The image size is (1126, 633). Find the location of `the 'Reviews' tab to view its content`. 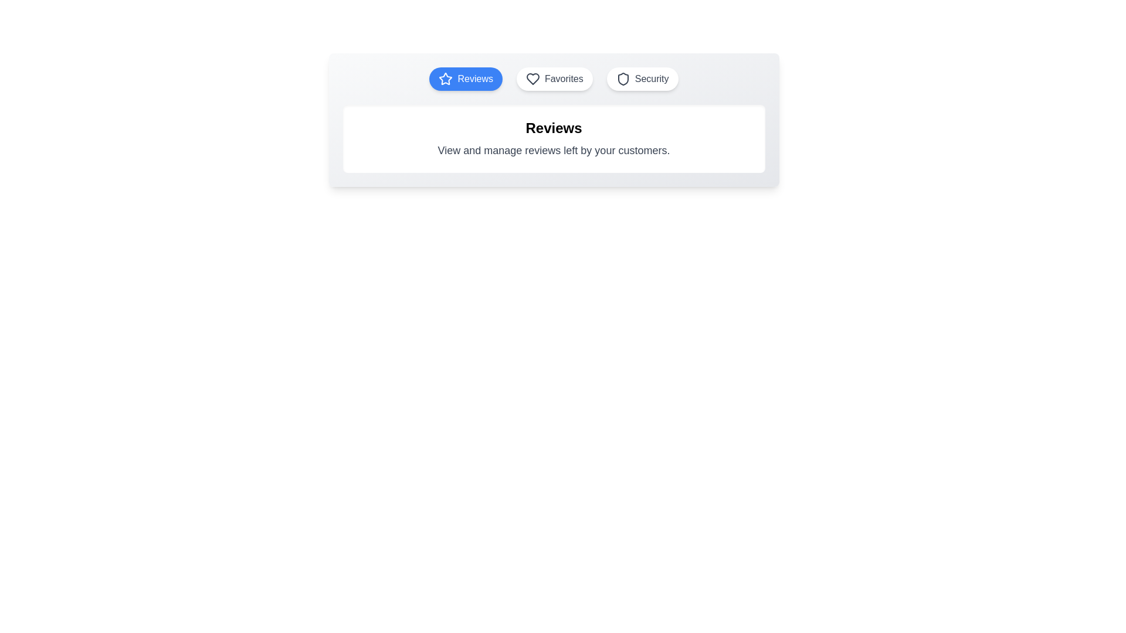

the 'Reviews' tab to view its content is located at coordinates (465, 79).